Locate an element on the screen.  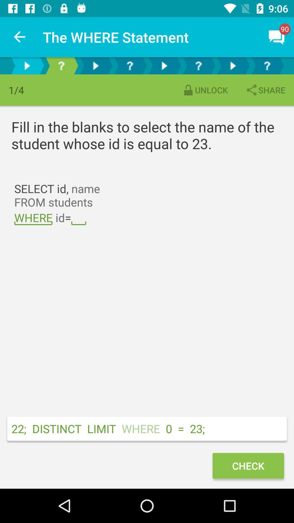
choose where statement is located at coordinates (198, 65).